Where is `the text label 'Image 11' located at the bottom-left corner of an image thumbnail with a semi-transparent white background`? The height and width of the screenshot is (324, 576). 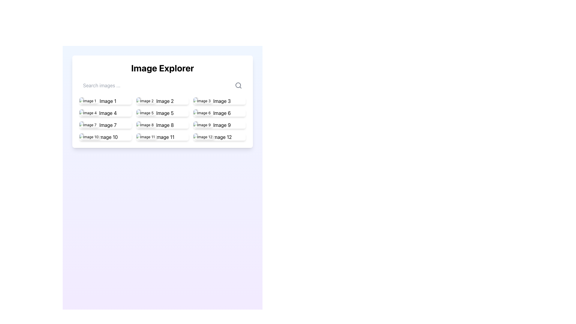
the text label 'Image 11' located at the bottom-left corner of an image thumbnail with a semi-transparent white background is located at coordinates (147, 137).